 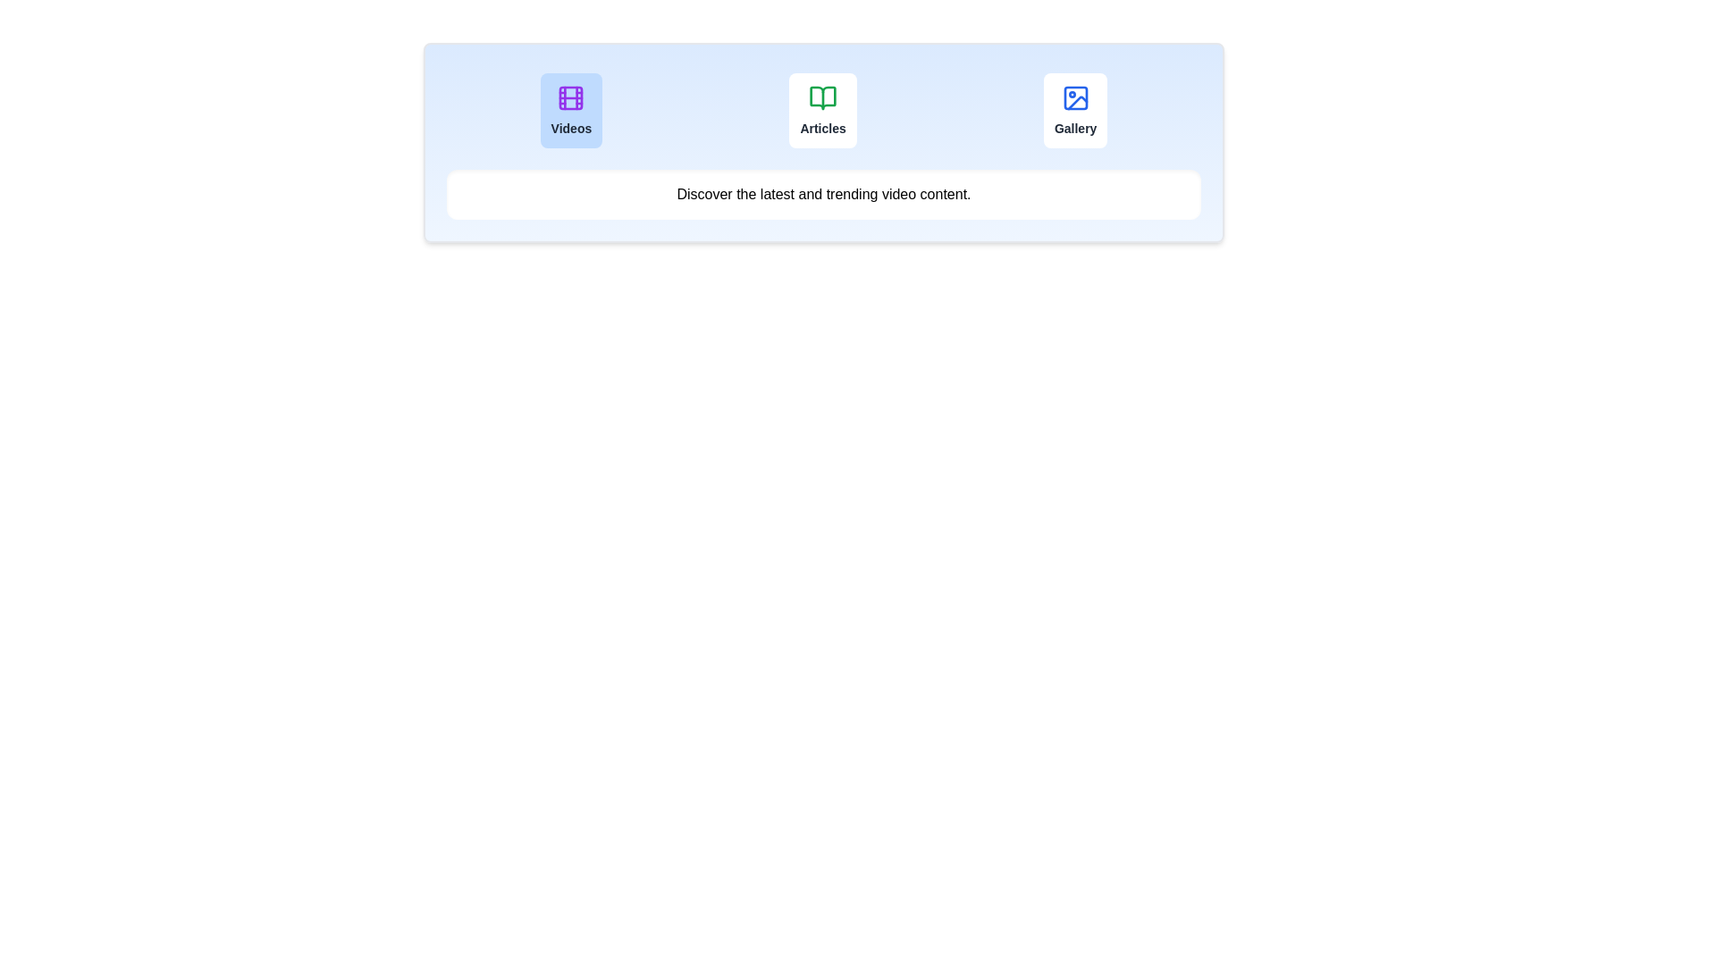 I want to click on the Articles tab, so click(x=822, y=110).